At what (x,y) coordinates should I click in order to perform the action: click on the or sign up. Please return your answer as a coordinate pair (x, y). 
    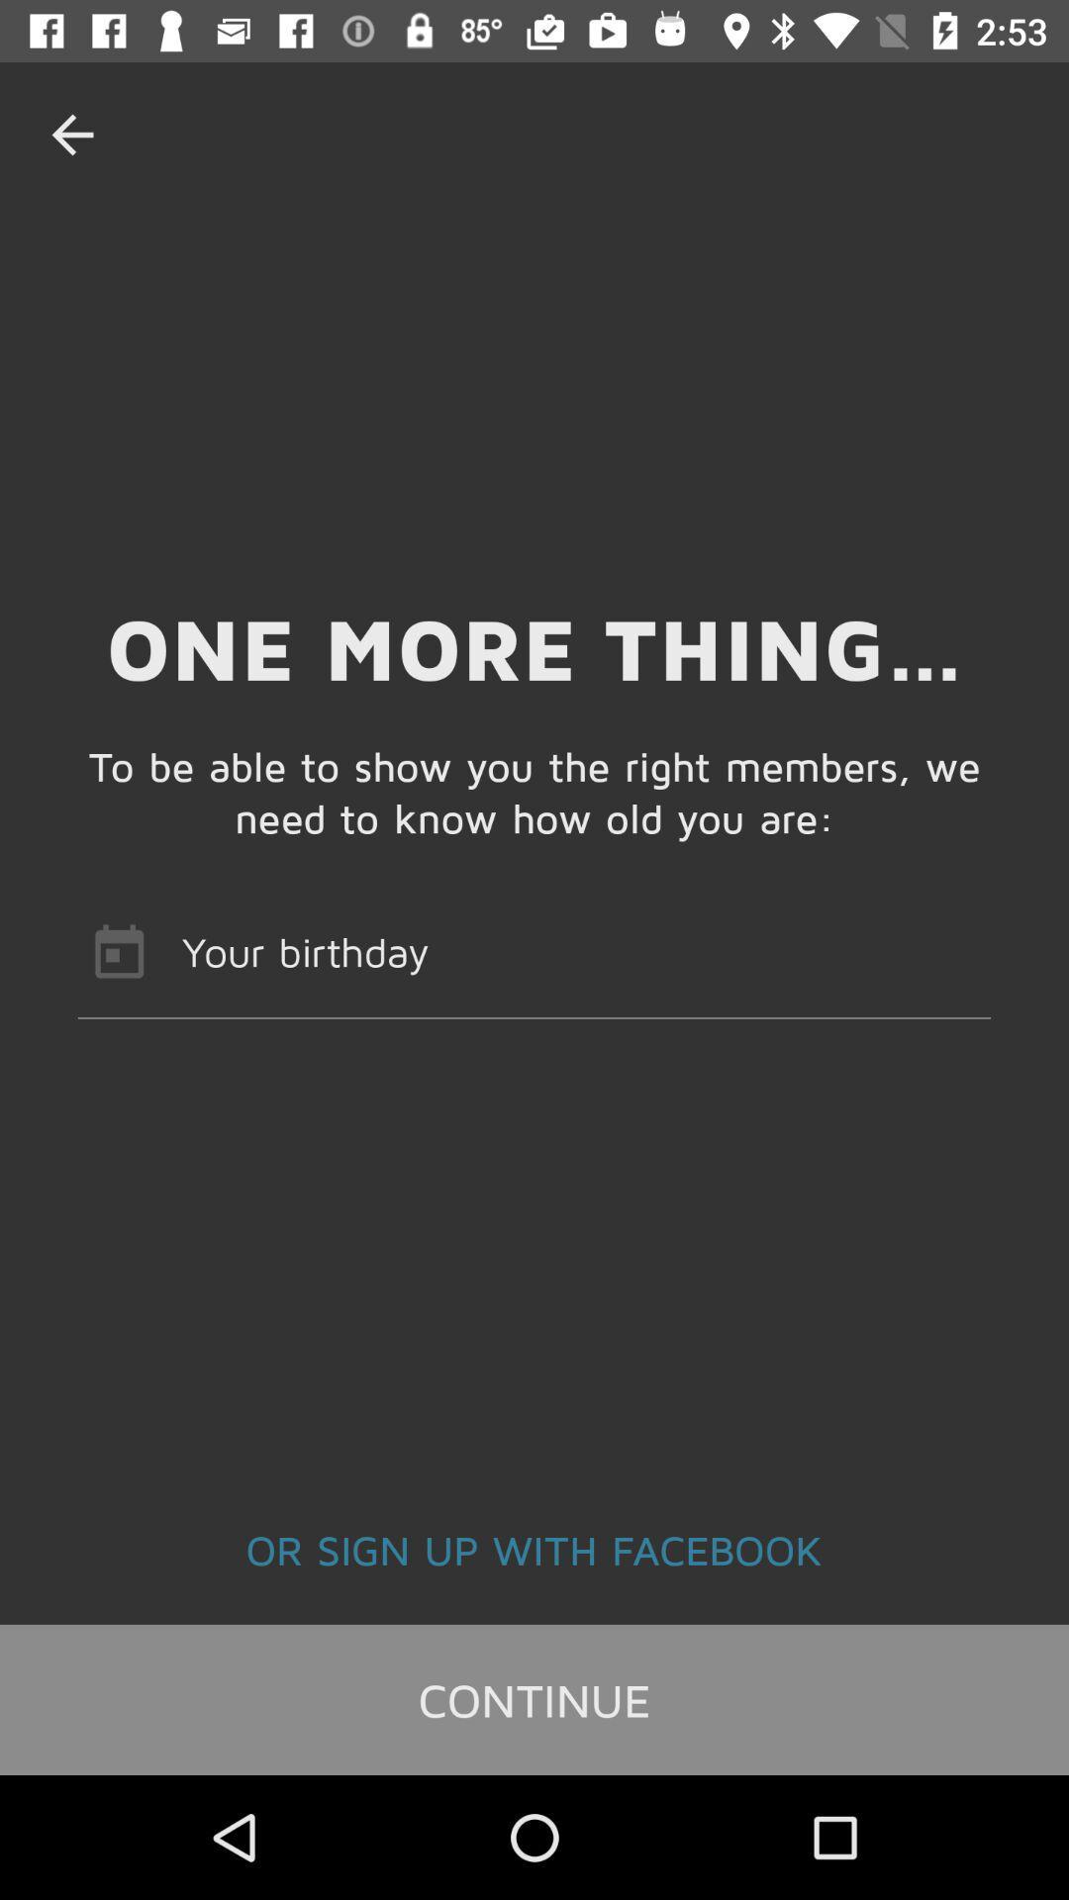
    Looking at the image, I should click on (534, 1548).